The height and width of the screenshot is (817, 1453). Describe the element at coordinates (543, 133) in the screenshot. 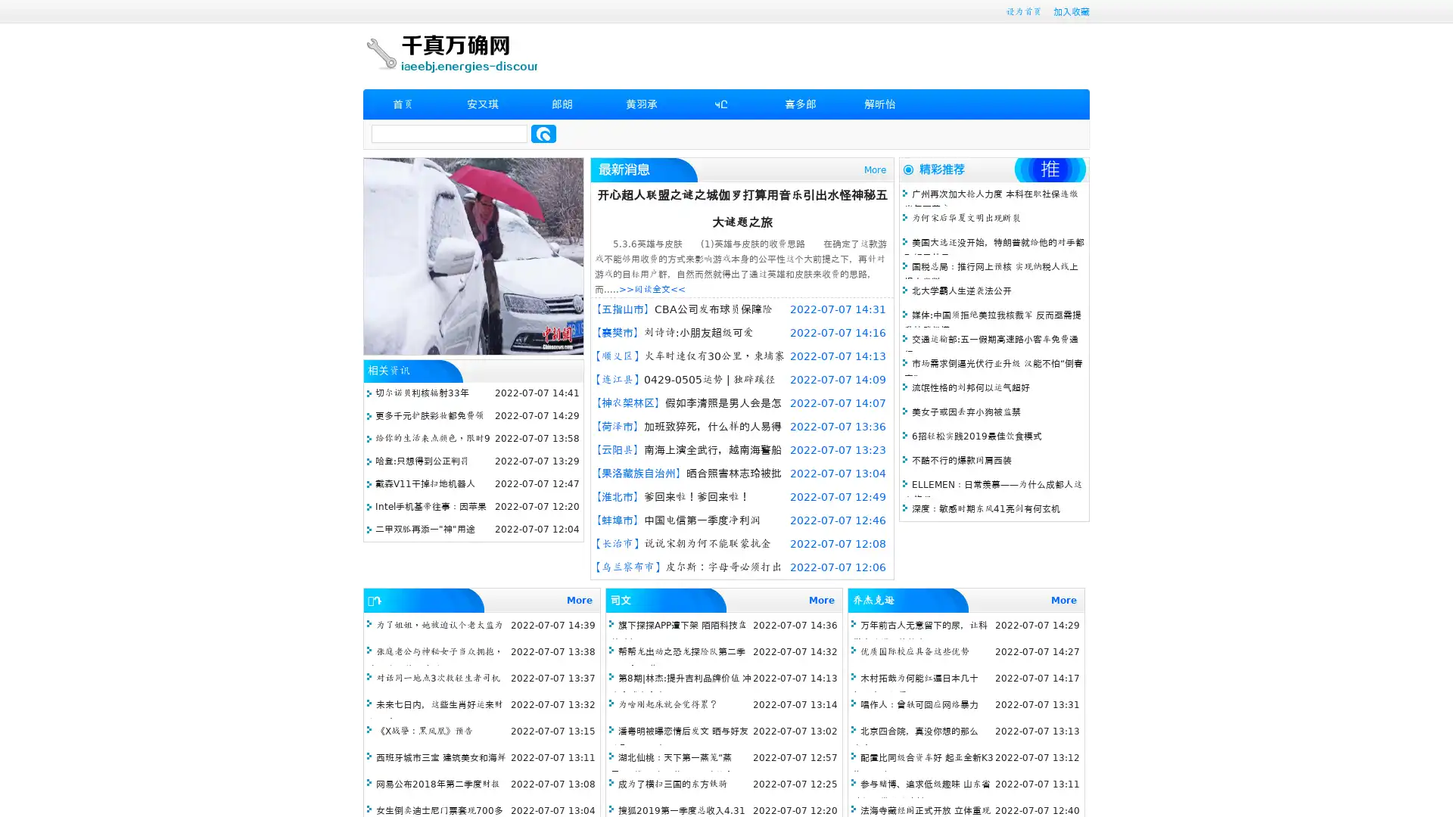

I see `Search` at that location.